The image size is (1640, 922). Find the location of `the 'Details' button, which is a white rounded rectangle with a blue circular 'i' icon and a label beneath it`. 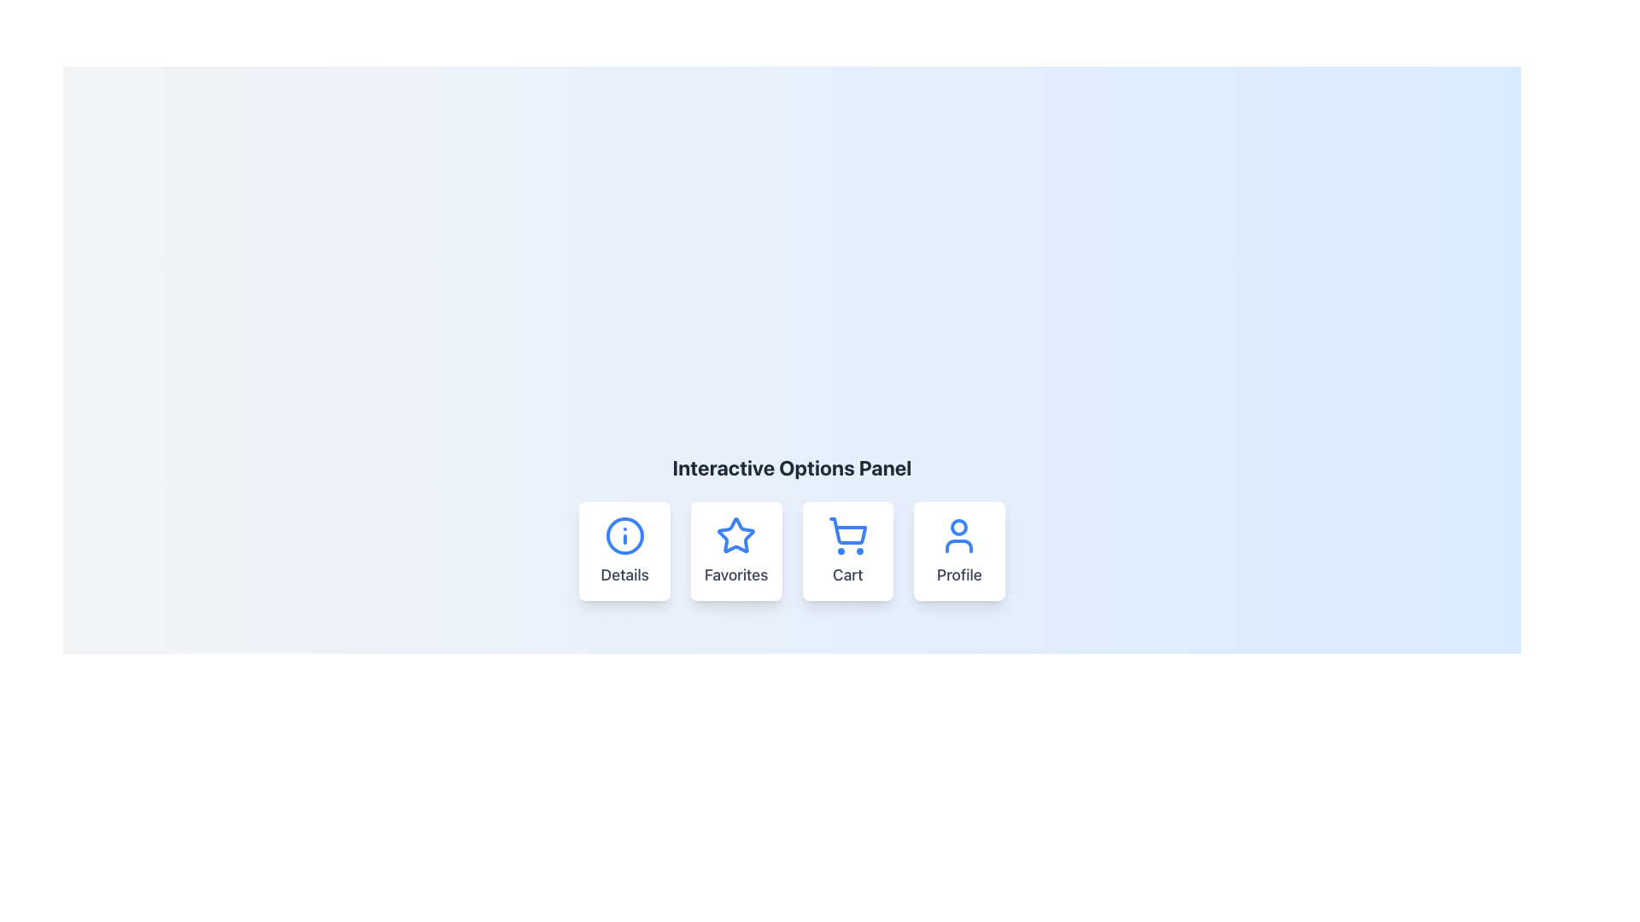

the 'Details' button, which is a white rounded rectangle with a blue circular 'i' icon and a label beneath it is located at coordinates (624, 551).